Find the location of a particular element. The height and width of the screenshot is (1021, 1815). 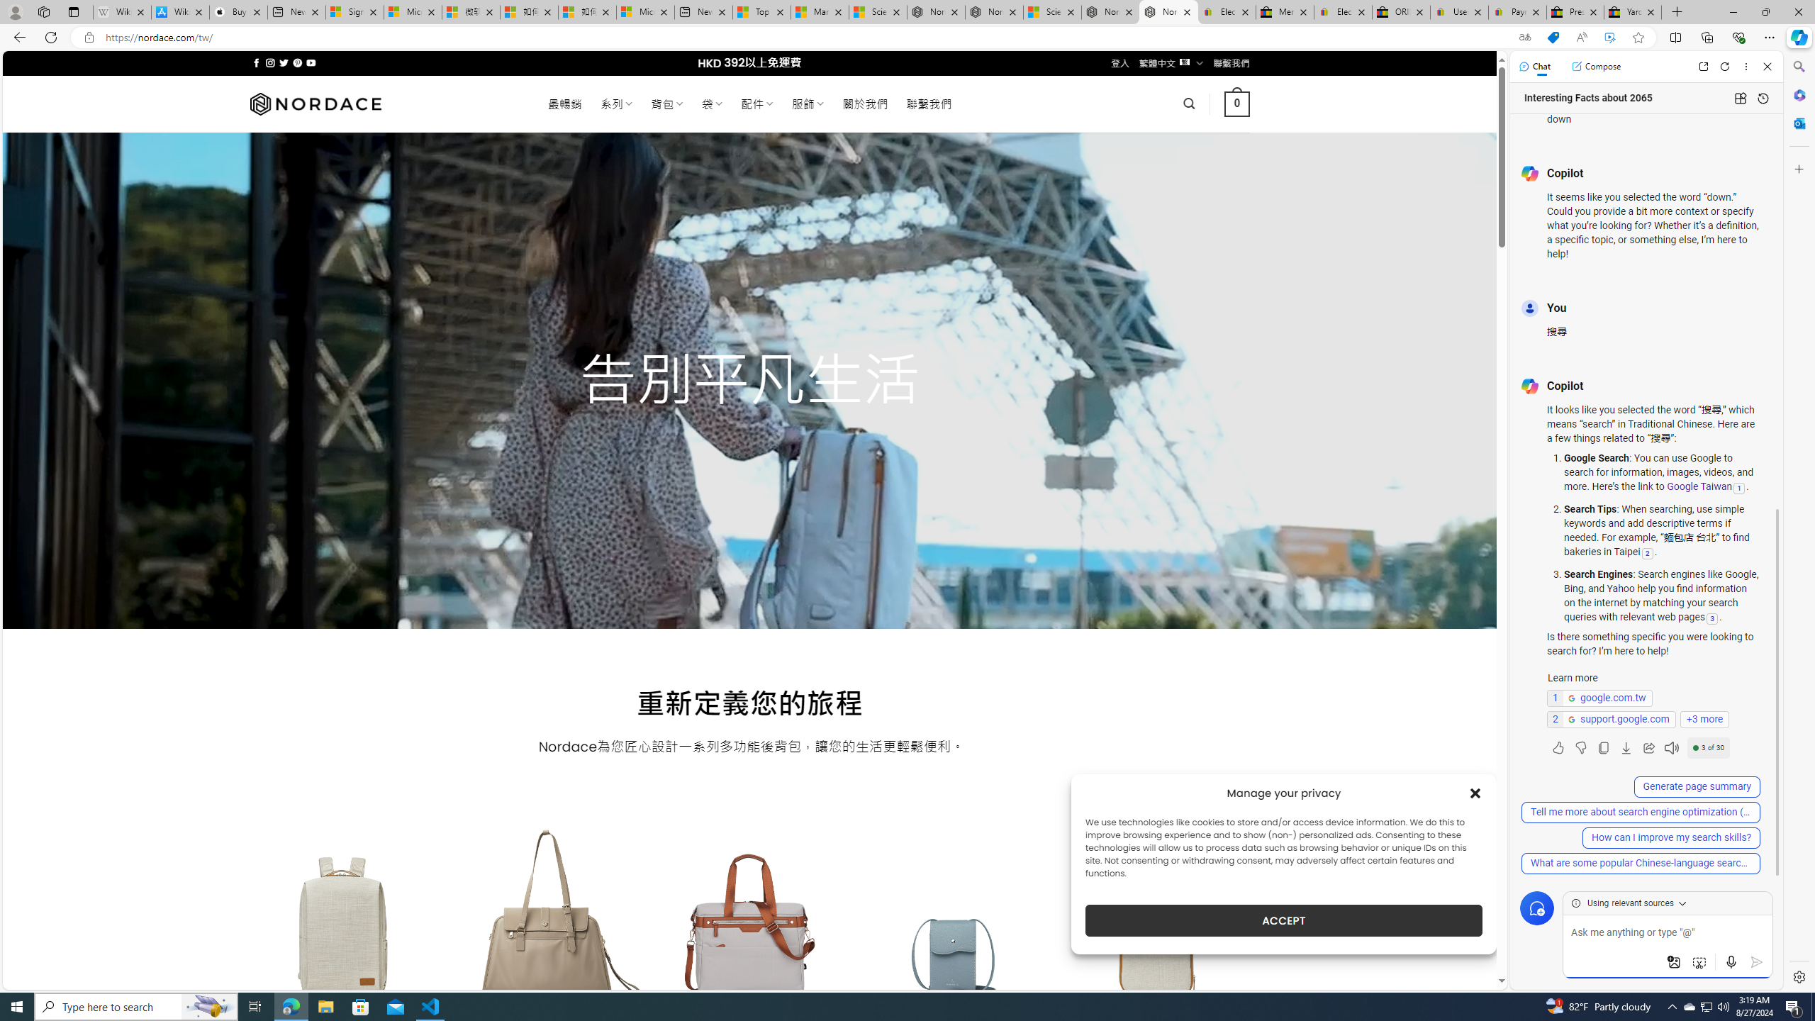

'Enhance video' is located at coordinates (1609, 38).